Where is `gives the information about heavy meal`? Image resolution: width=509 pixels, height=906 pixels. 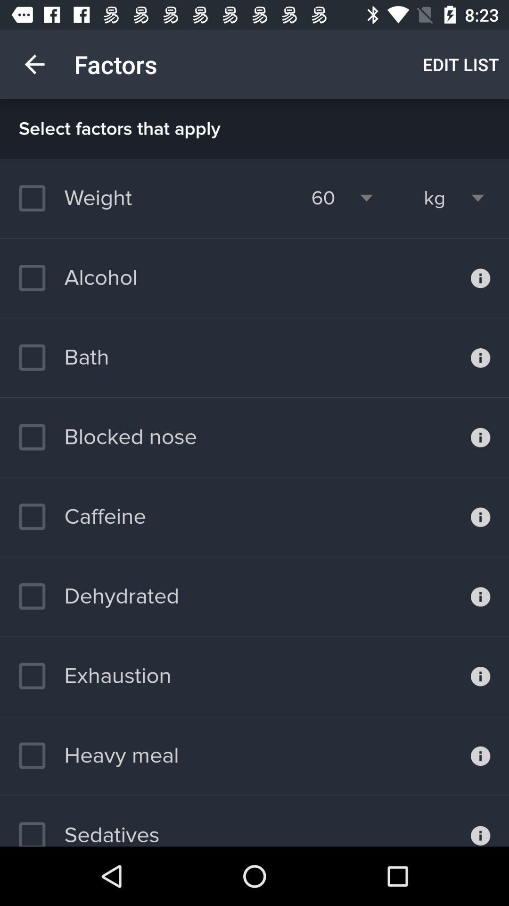 gives the information about heavy meal is located at coordinates (480, 756).